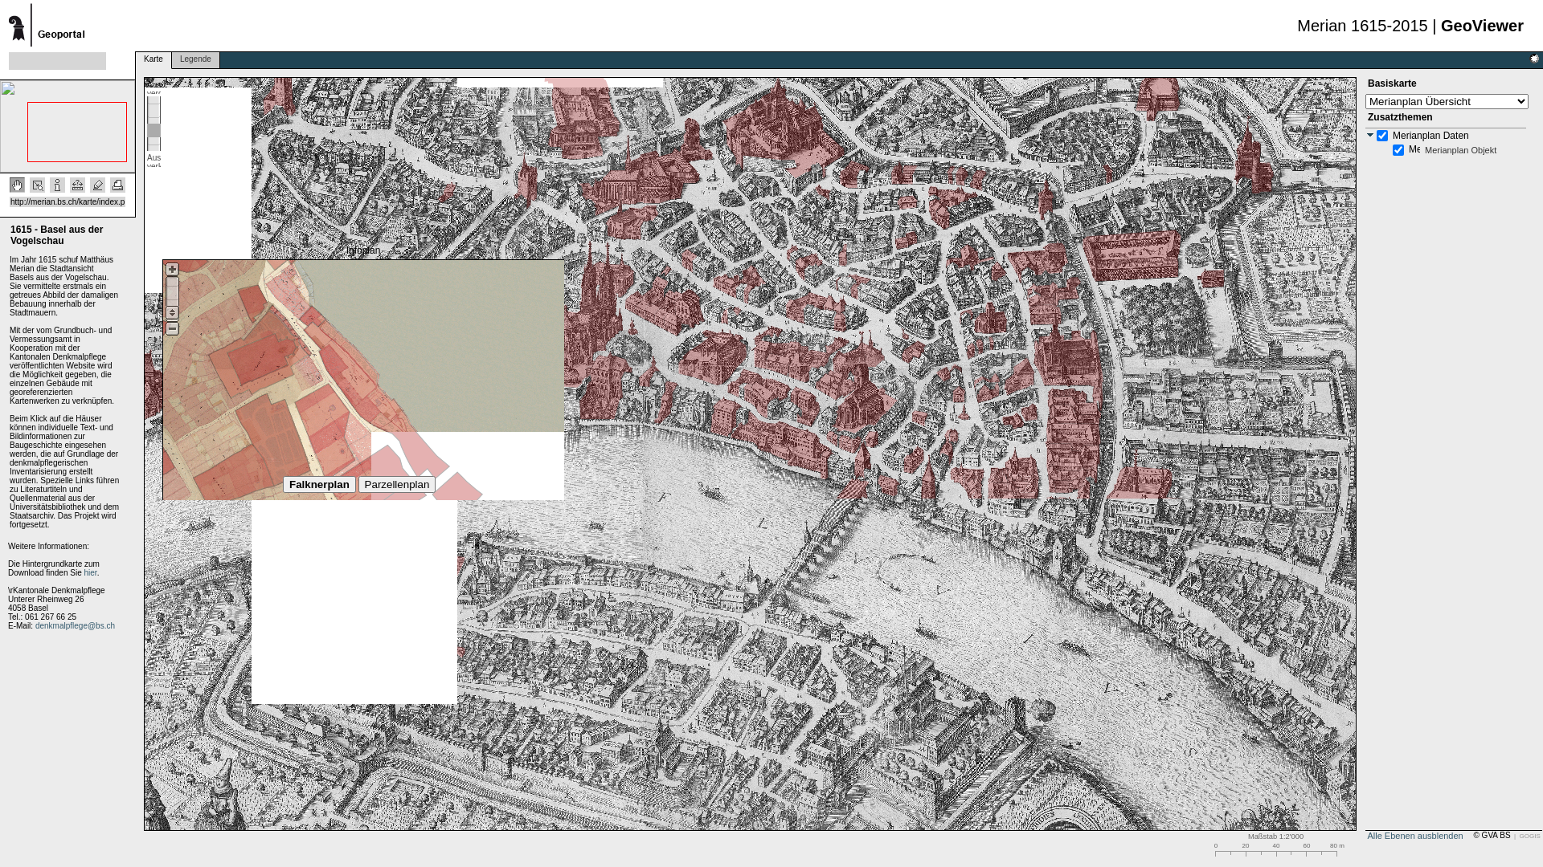 Image resolution: width=1543 pixels, height=867 pixels. I want to click on 'Parzellenplan', so click(397, 483).